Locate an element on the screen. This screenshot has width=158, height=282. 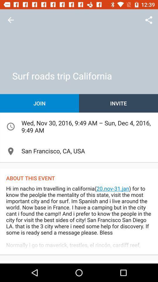
the item above the join item is located at coordinates (11, 20).